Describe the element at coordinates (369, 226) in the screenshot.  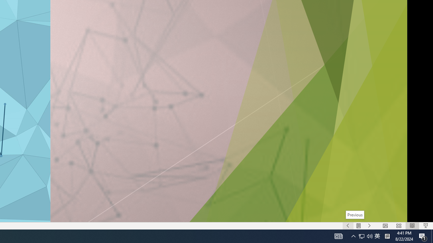
I see `'Slide Show Next On'` at that location.